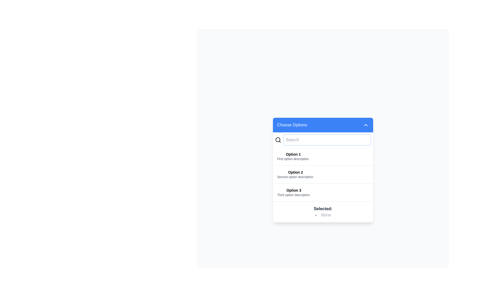 This screenshot has width=501, height=282. I want to click on the third selectable option in the dropdown-style interface, so click(323, 192).